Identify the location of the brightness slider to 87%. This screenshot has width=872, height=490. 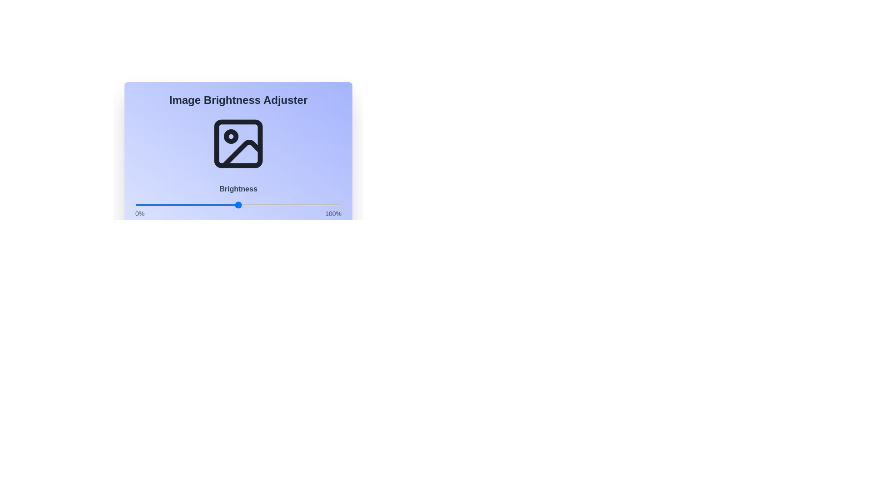
(314, 205).